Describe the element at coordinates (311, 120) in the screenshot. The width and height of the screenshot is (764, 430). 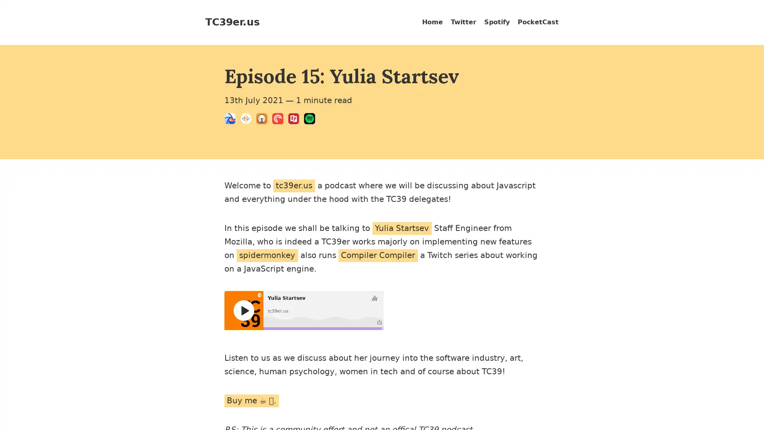
I see `Spotify Logo` at that location.